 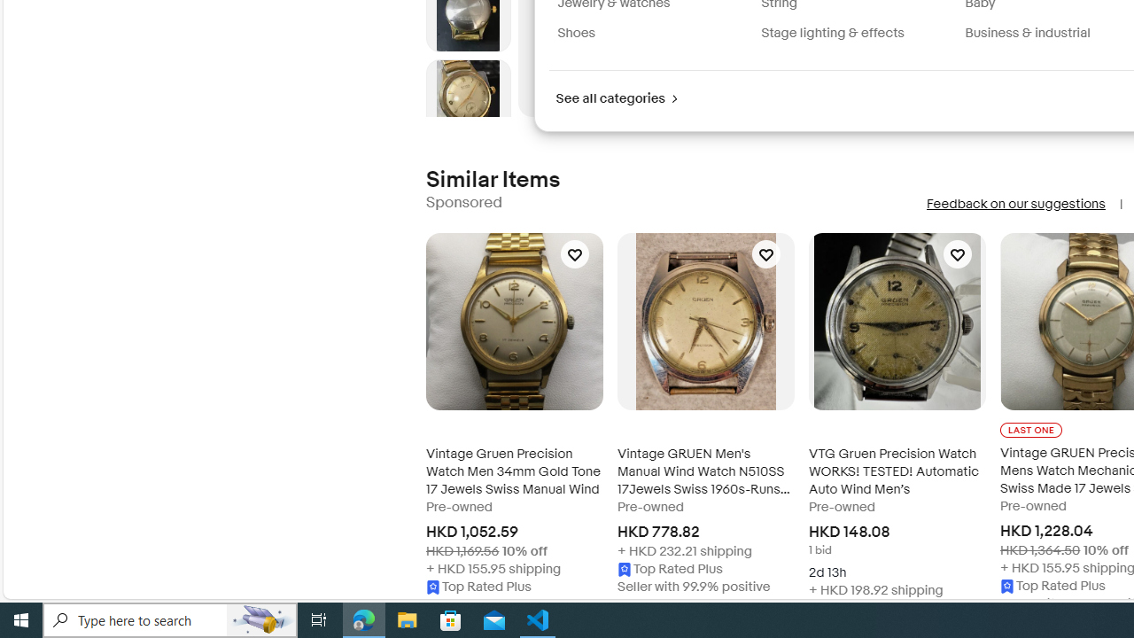 What do you see at coordinates (616, 98) in the screenshot?
I see `'See all categories'` at bounding box center [616, 98].